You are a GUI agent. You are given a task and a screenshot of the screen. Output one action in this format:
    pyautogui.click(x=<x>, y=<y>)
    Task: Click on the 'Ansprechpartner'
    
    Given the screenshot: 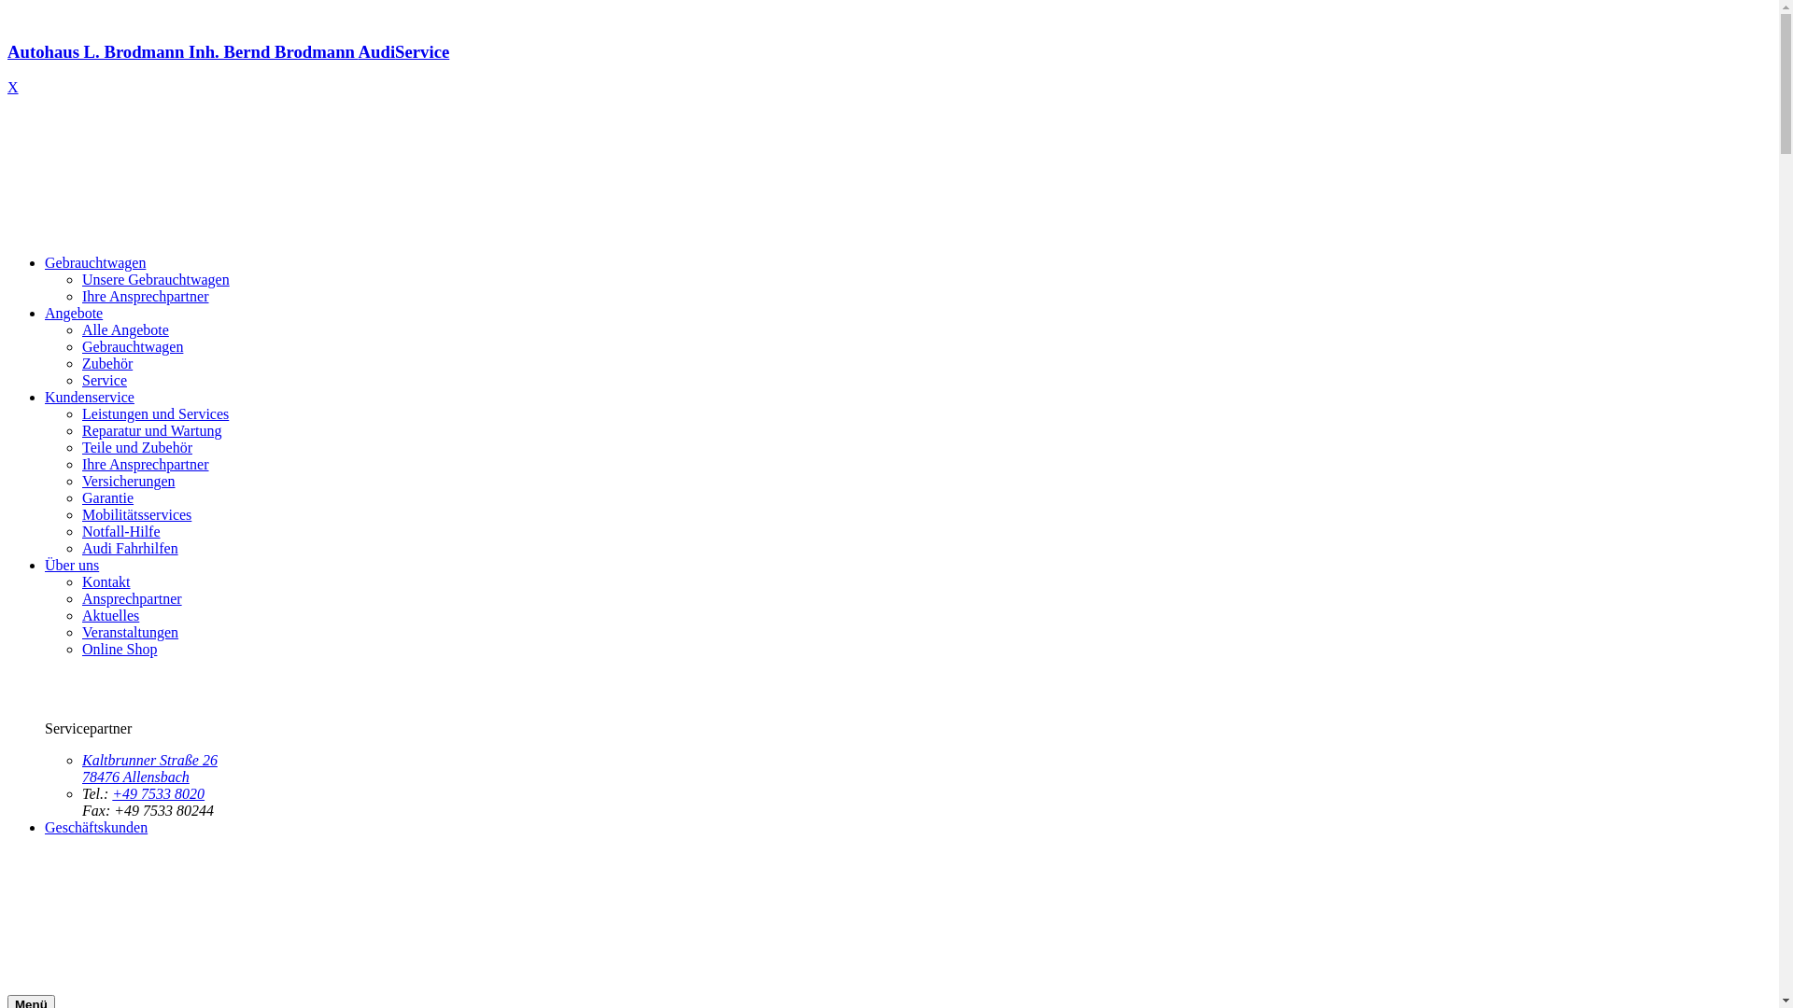 What is the action you would take?
    pyautogui.click(x=131, y=598)
    